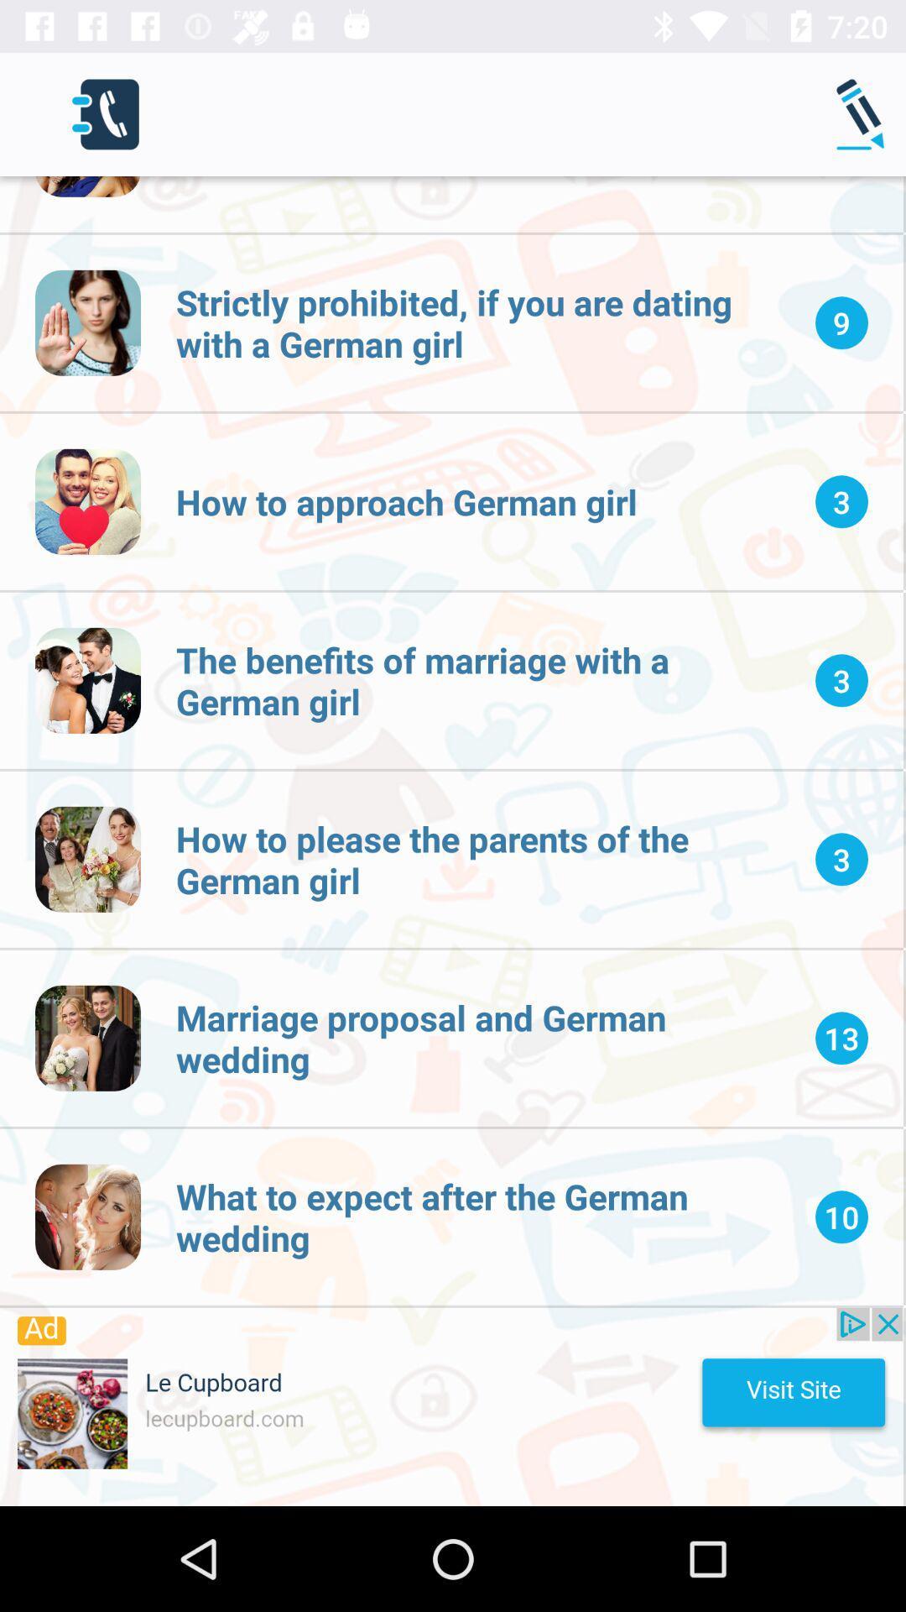 The width and height of the screenshot is (906, 1612). I want to click on this advertised product, so click(450, 1406).